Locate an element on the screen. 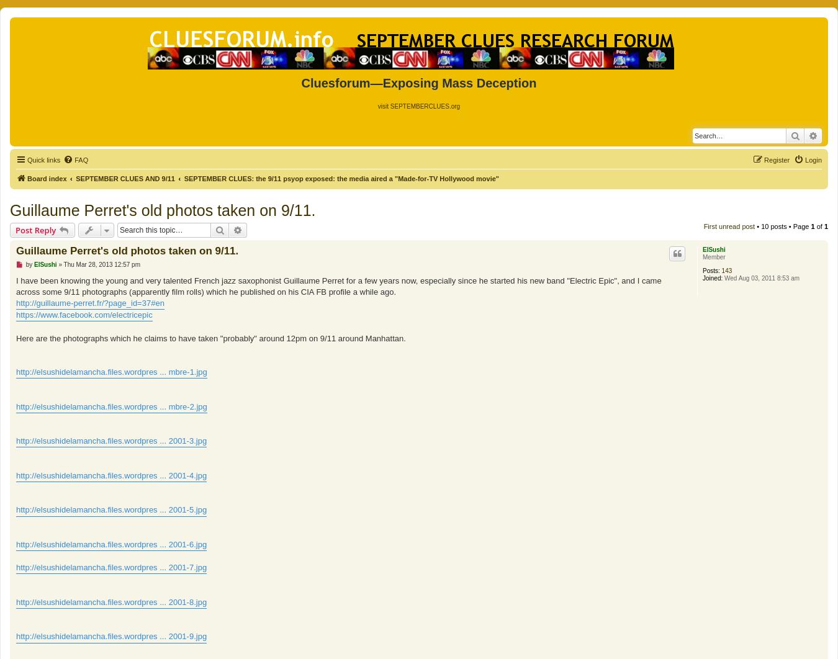 The width and height of the screenshot is (838, 659). '• 10 posts
• Page' is located at coordinates (754, 226).